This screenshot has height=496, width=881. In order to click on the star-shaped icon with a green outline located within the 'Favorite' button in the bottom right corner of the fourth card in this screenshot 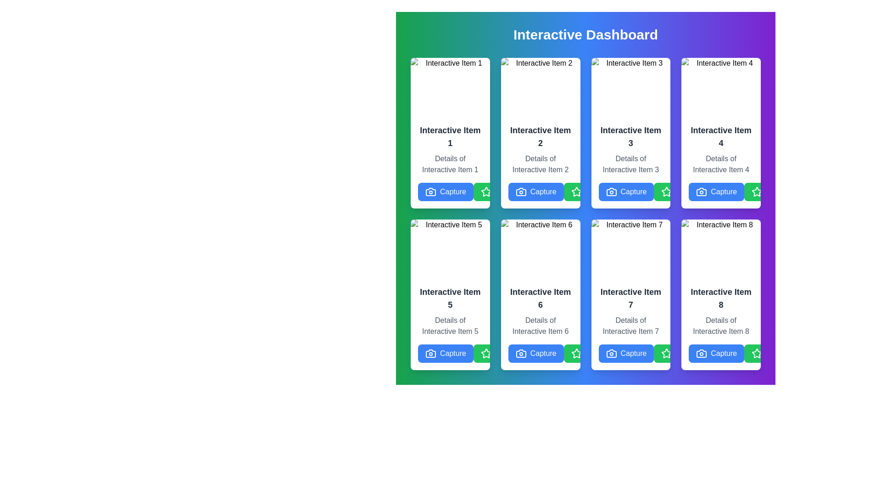, I will do `click(757, 191)`.